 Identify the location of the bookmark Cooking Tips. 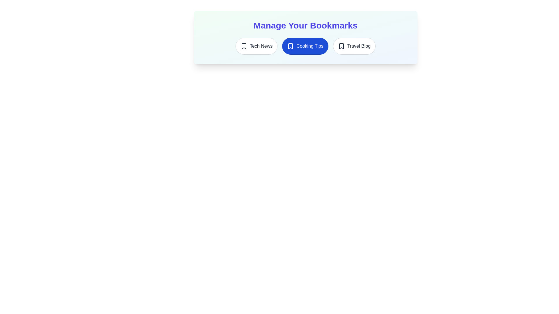
(305, 46).